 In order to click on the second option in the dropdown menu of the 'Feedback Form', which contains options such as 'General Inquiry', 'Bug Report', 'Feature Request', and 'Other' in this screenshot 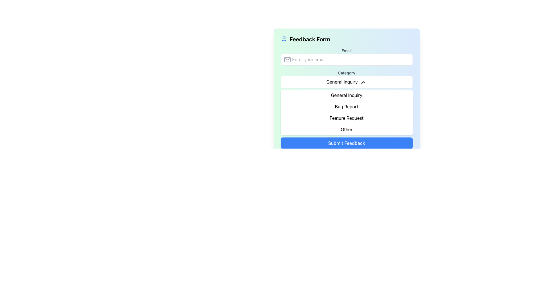, I will do `click(346, 112)`.